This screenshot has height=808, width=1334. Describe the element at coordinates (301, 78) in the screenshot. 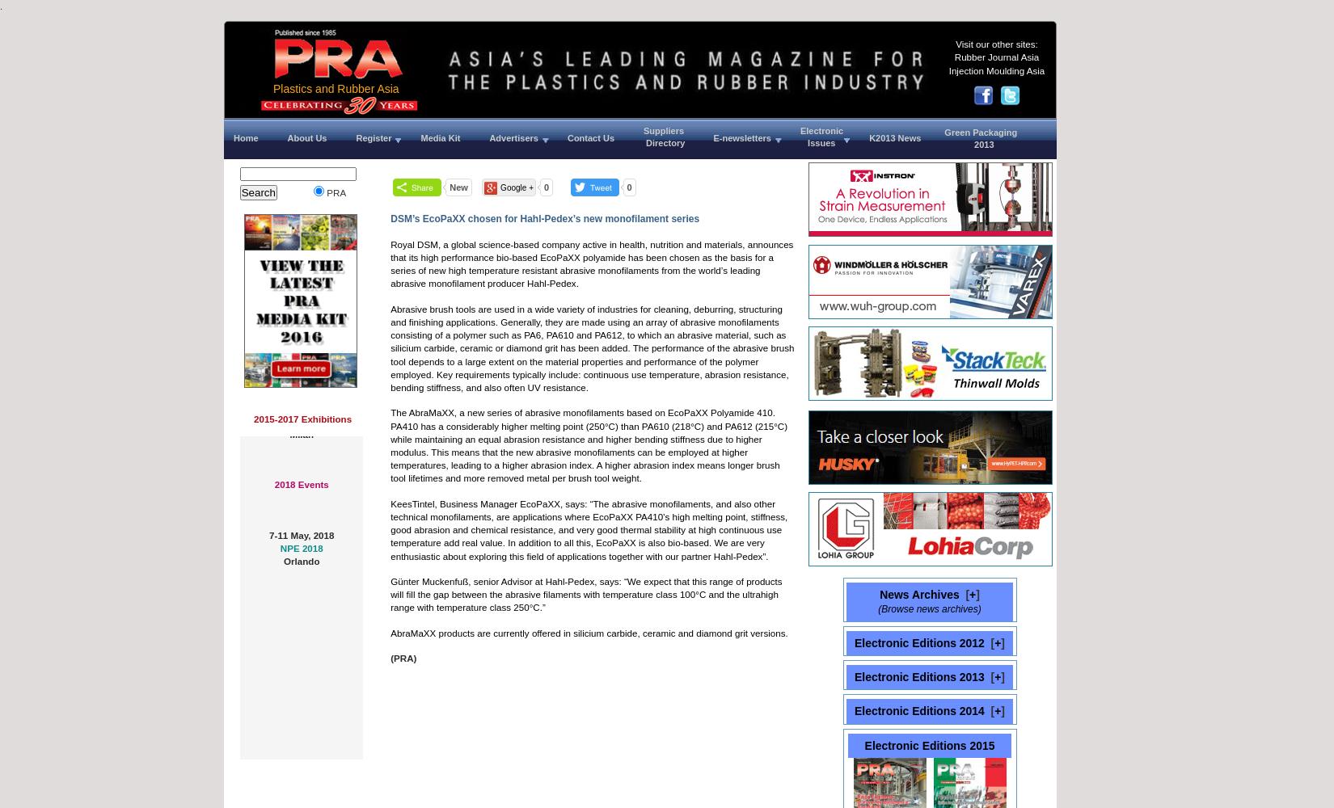

I see `'8-10 January, 2017'` at that location.